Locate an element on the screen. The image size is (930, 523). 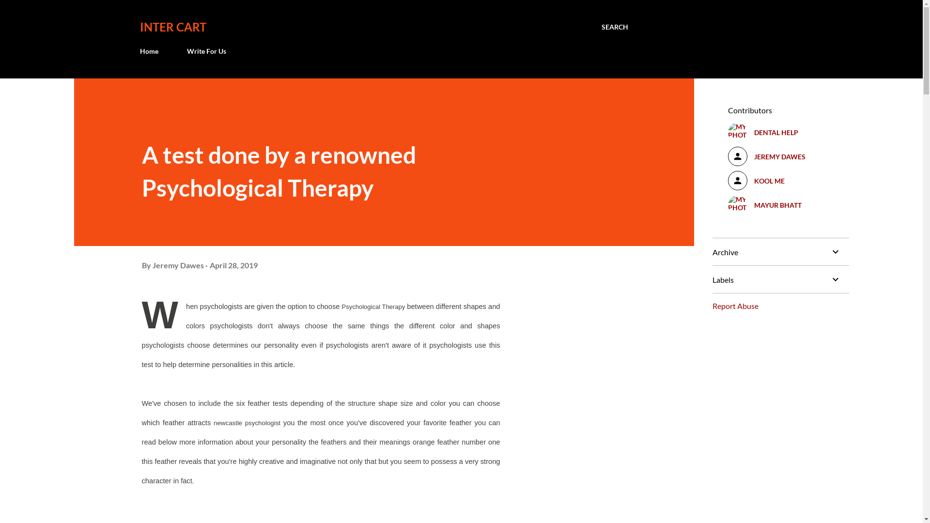
'April 28, 2019' is located at coordinates (233, 265).